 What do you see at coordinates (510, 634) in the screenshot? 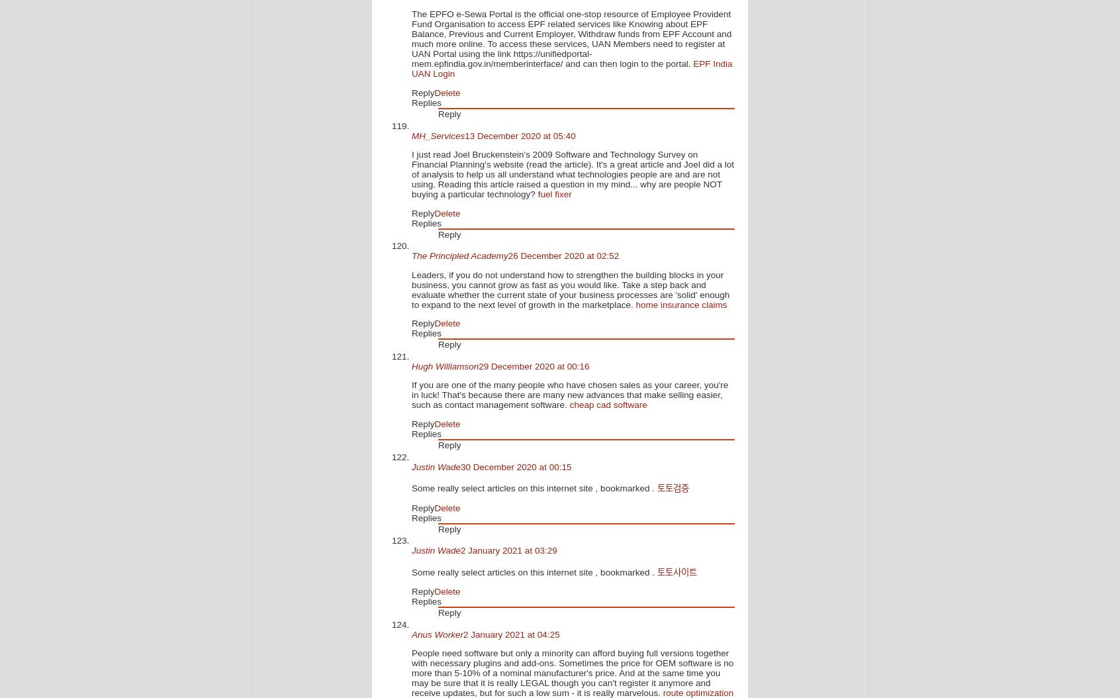
I see `'2 January 2021 at 04:25'` at bounding box center [510, 634].